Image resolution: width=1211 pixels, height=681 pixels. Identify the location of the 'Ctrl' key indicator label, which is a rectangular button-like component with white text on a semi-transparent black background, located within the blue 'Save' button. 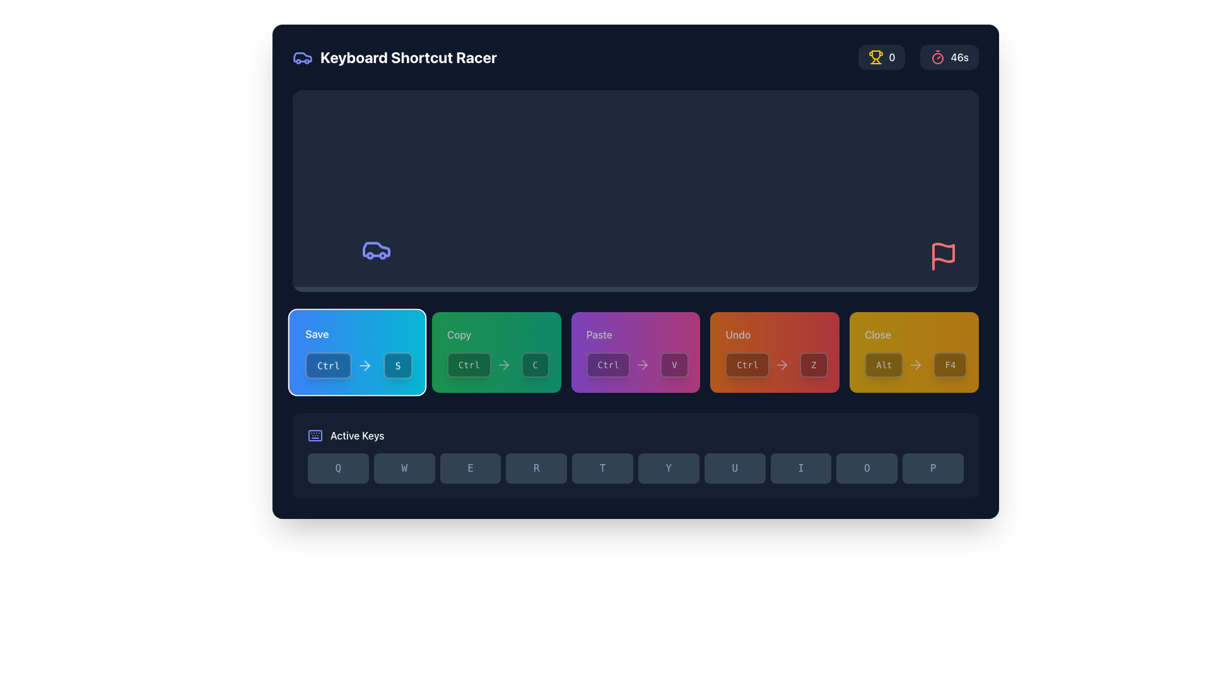
(328, 365).